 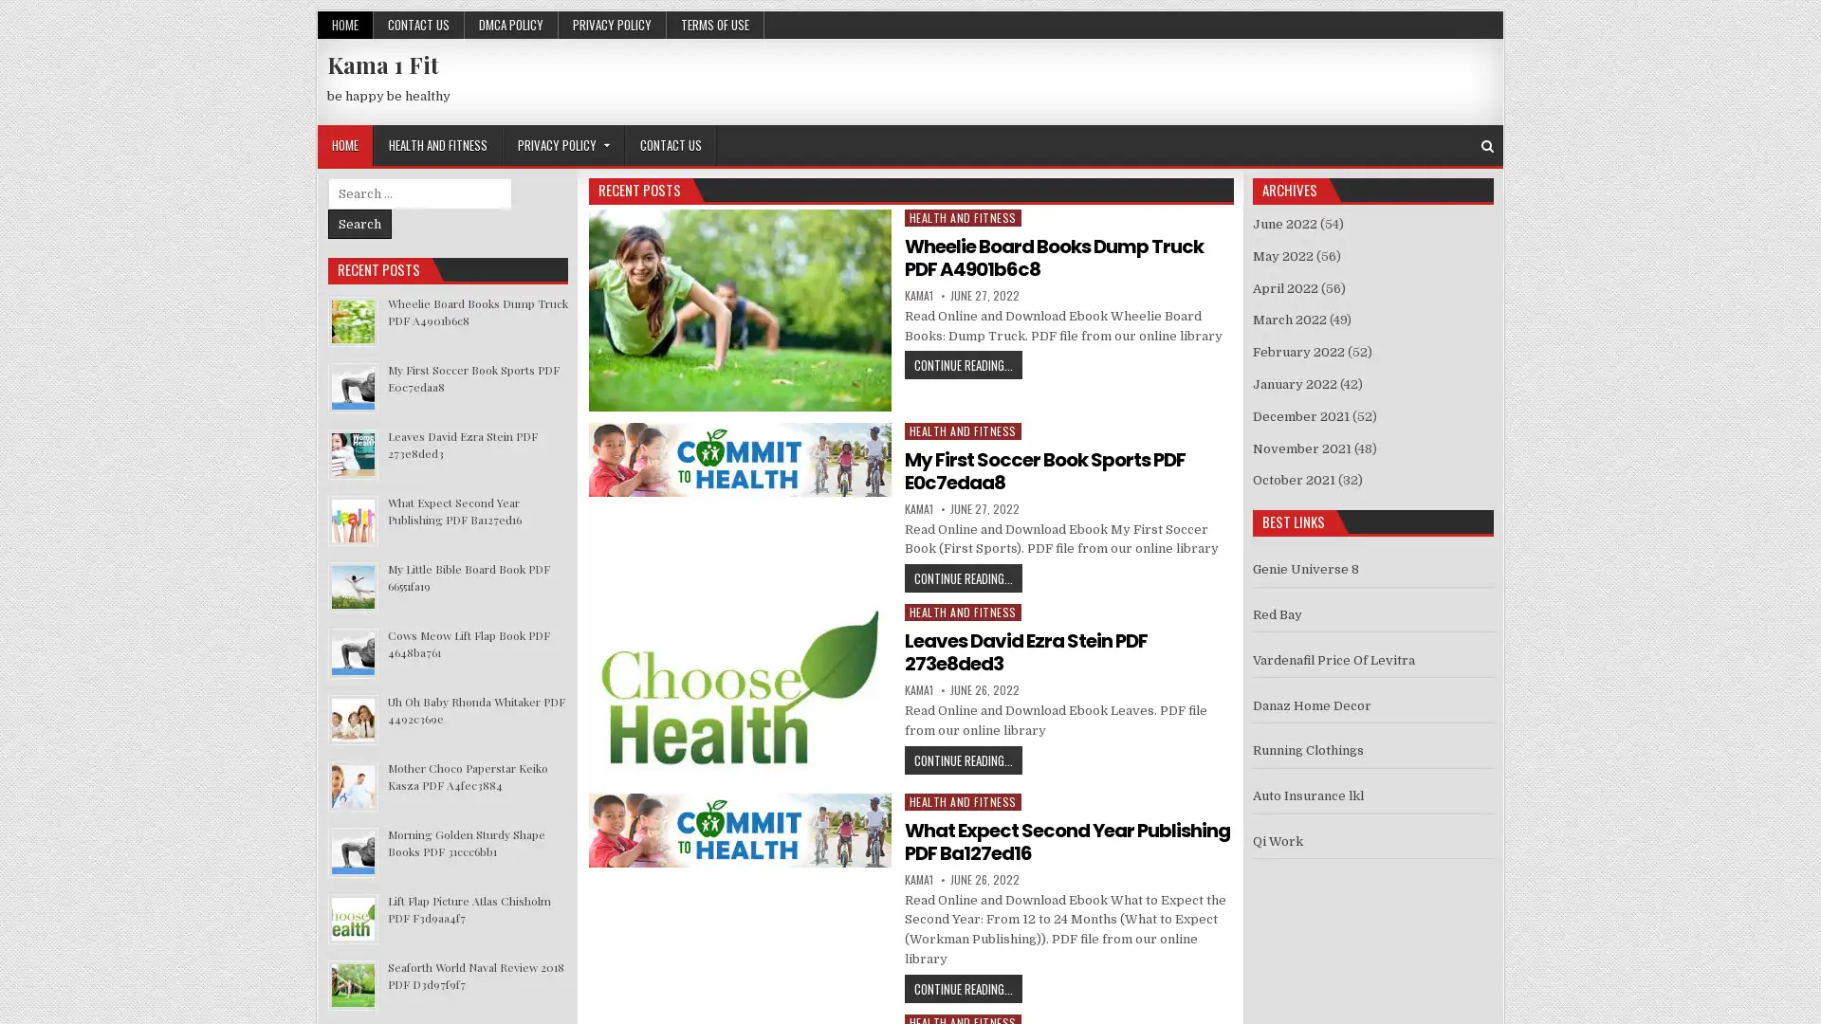 I want to click on Search, so click(x=359, y=223).